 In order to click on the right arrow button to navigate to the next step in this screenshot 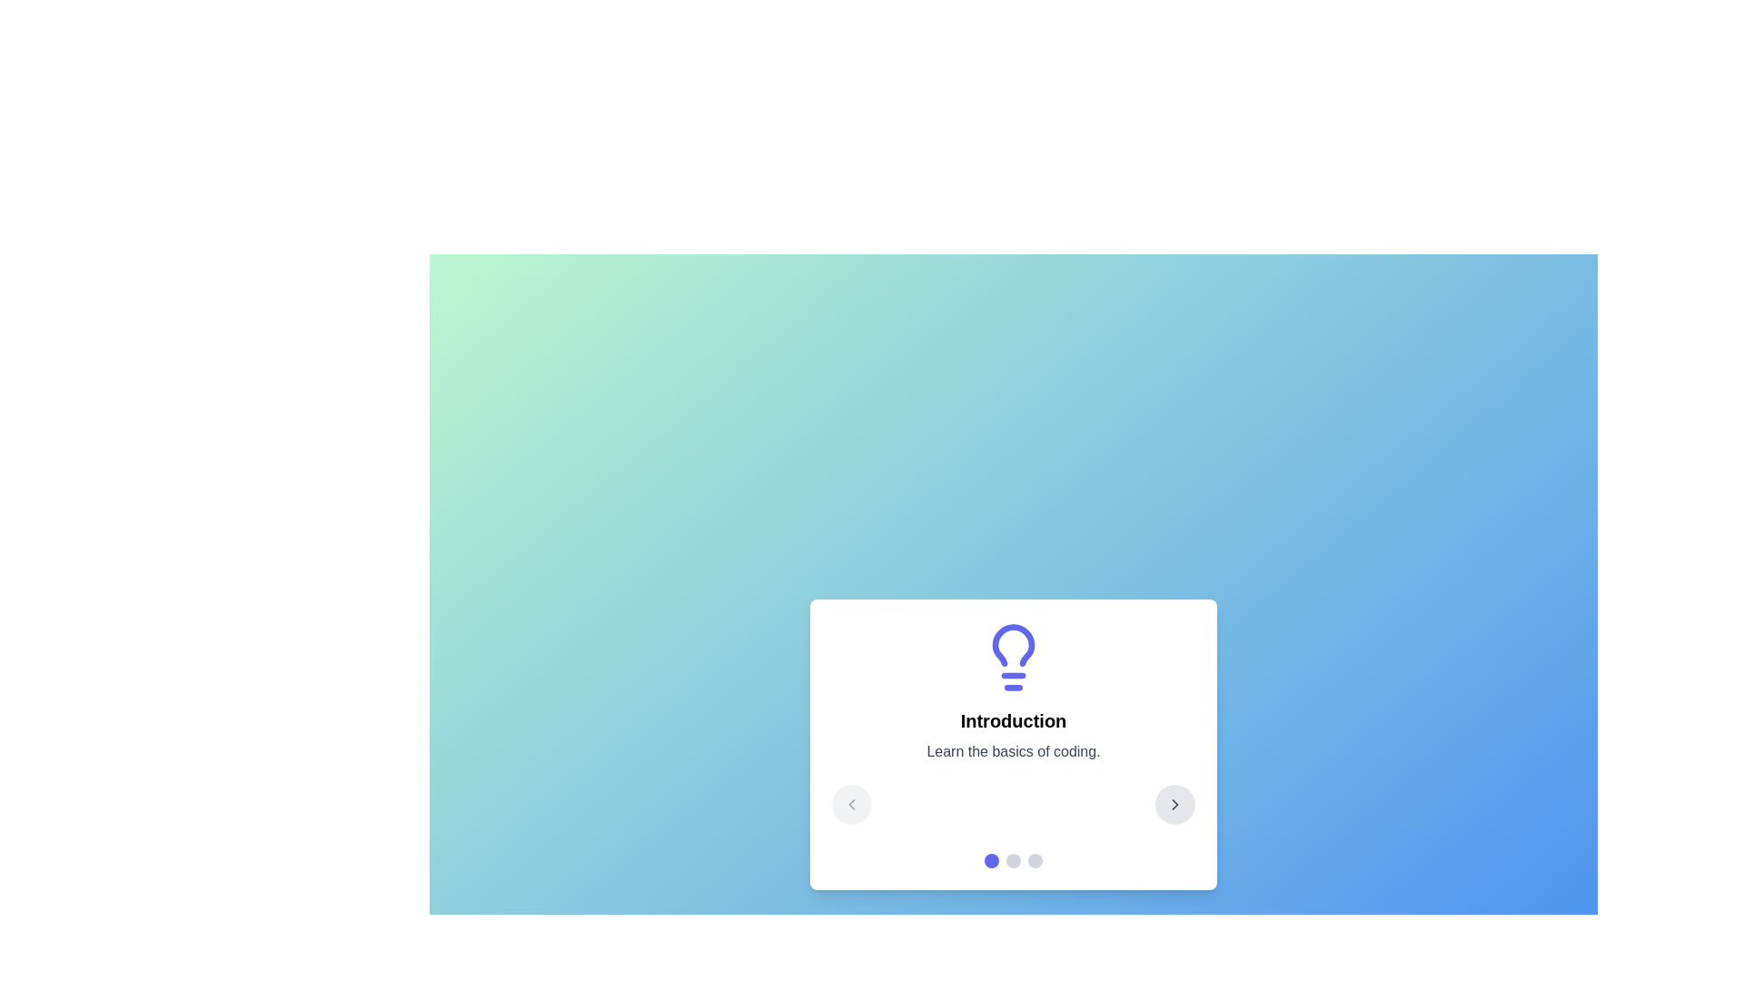, I will do `click(1175, 804)`.